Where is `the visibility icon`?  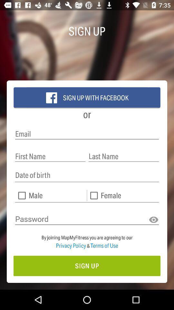 the visibility icon is located at coordinates (153, 220).